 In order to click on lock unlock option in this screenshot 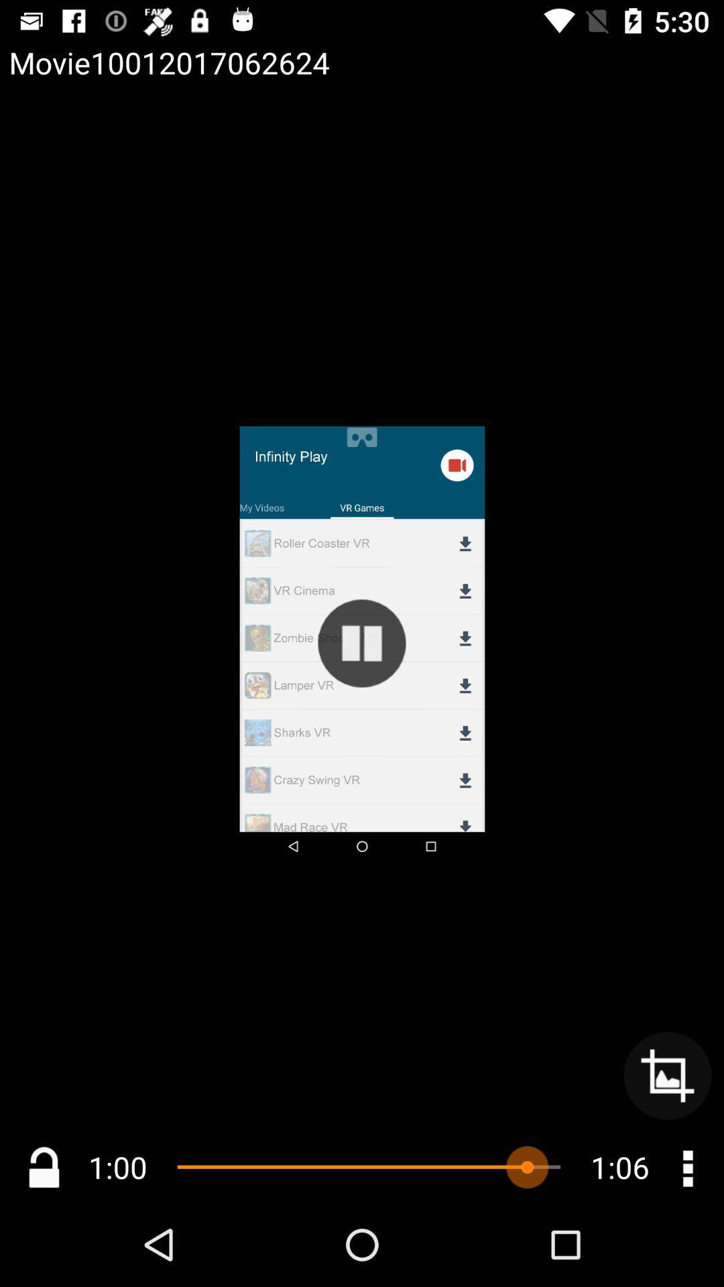, I will do `click(43, 1166)`.